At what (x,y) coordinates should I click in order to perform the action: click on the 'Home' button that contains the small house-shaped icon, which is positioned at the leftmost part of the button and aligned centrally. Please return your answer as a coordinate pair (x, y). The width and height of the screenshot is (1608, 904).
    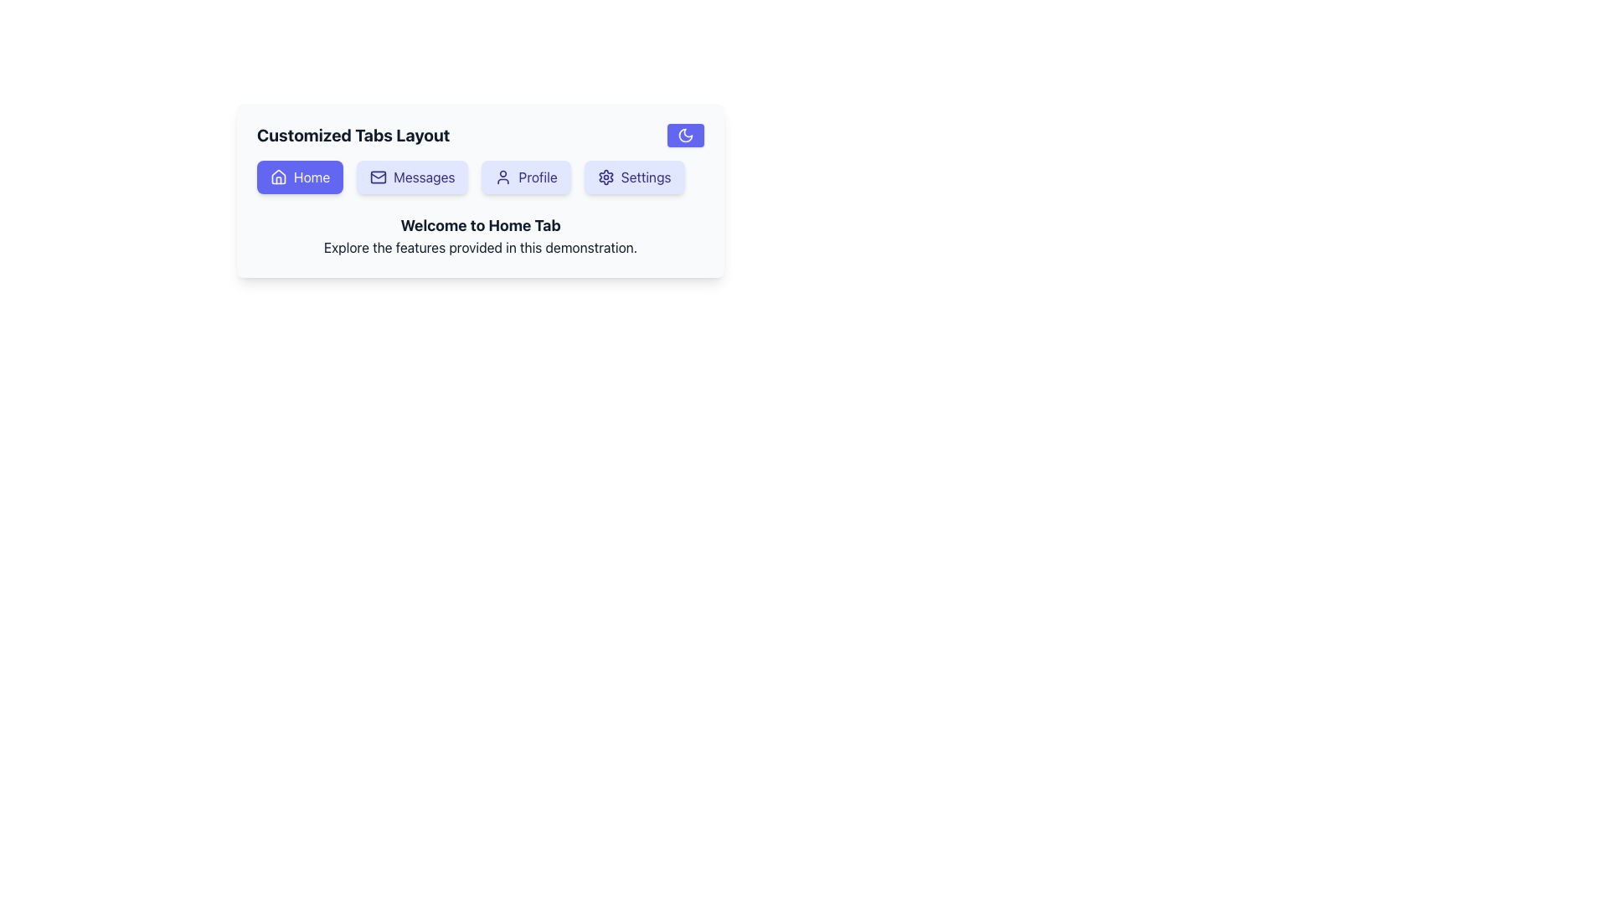
    Looking at the image, I should click on (278, 177).